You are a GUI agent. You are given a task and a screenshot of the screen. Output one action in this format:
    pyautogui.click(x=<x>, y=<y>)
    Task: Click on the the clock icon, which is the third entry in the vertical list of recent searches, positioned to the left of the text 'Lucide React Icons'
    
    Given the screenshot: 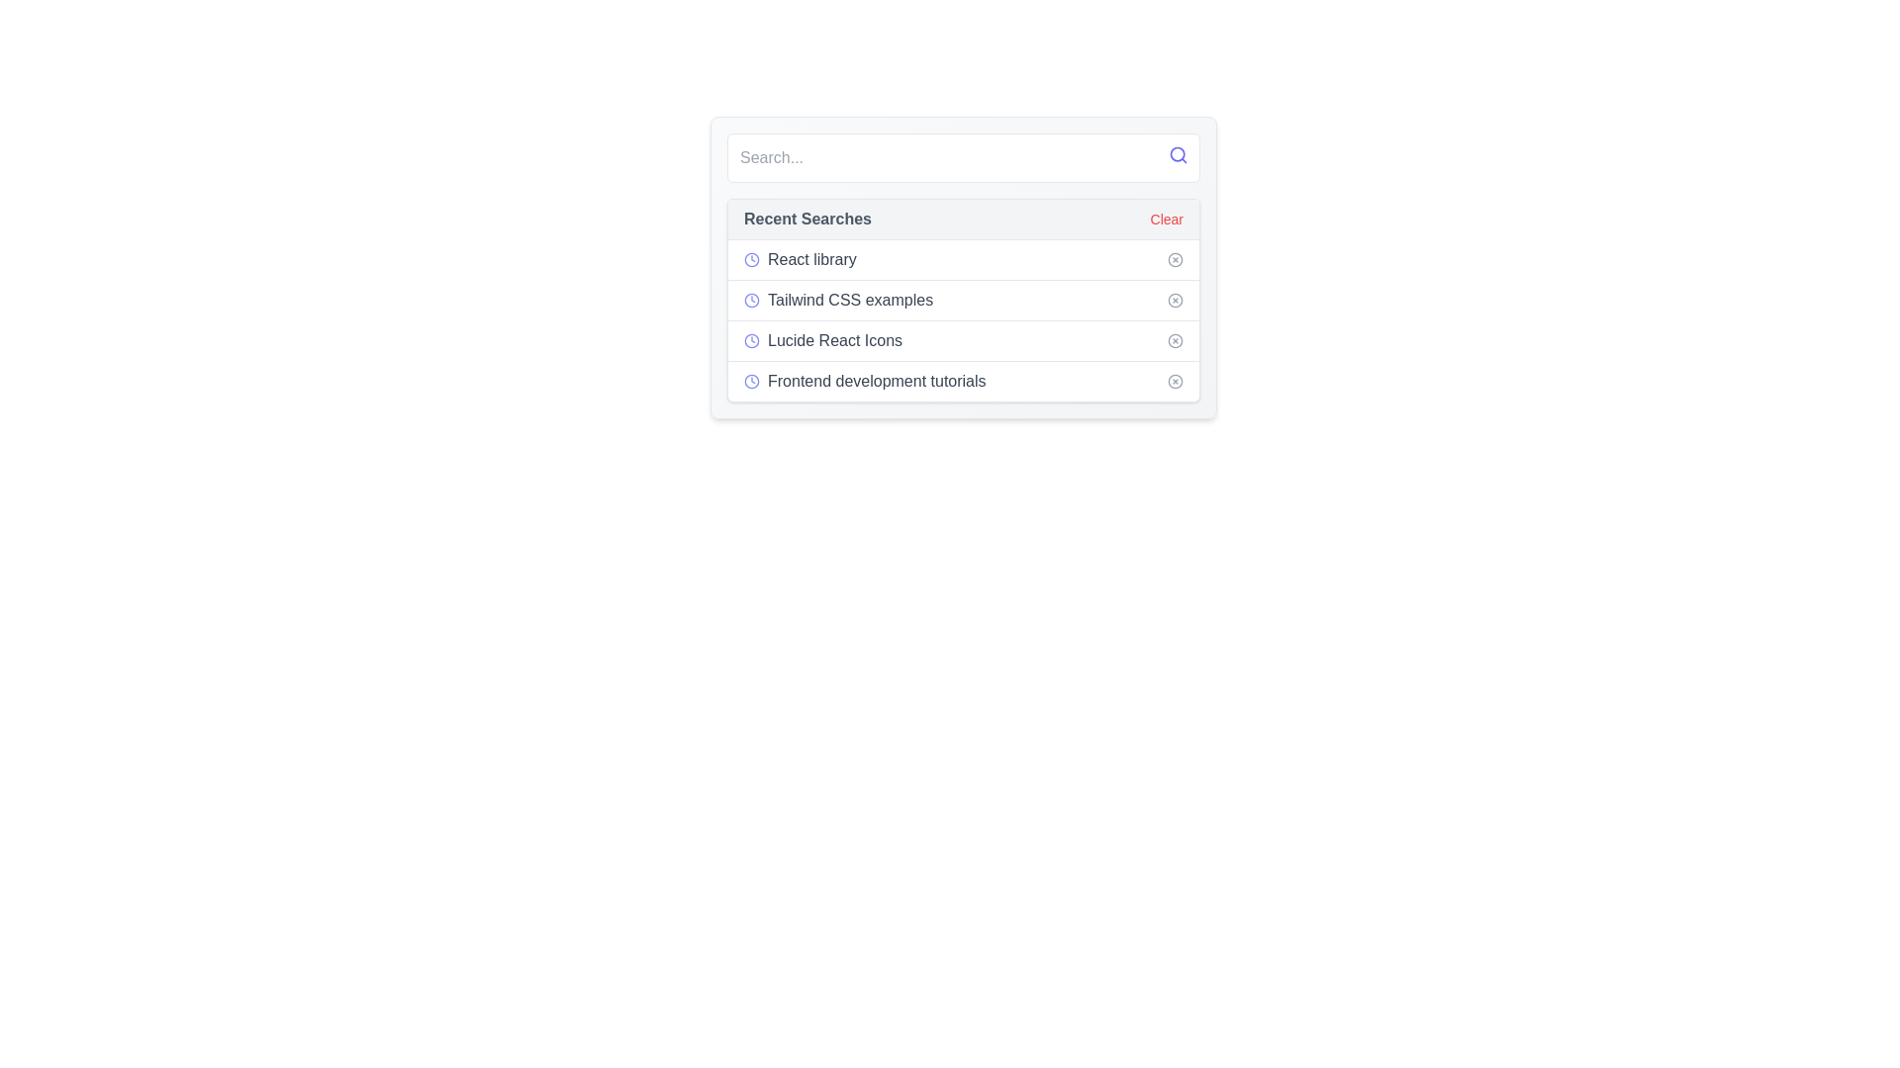 What is the action you would take?
    pyautogui.click(x=750, y=339)
    